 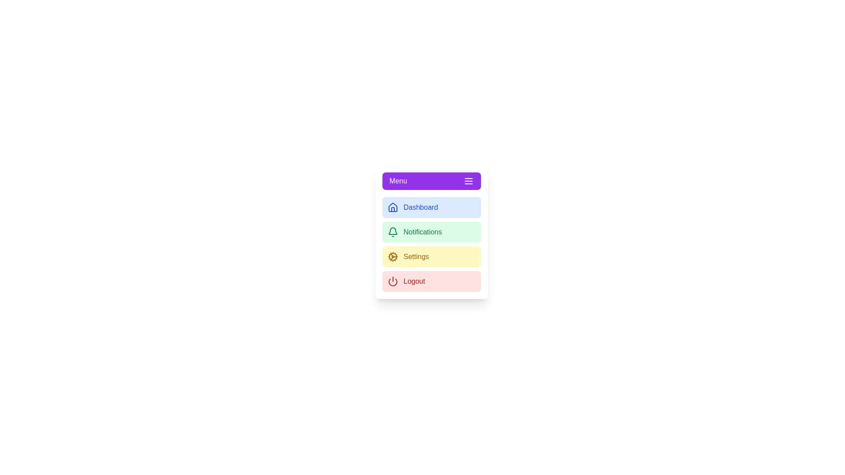 I want to click on the icon of the menu item Logout to inspect it, so click(x=392, y=281).